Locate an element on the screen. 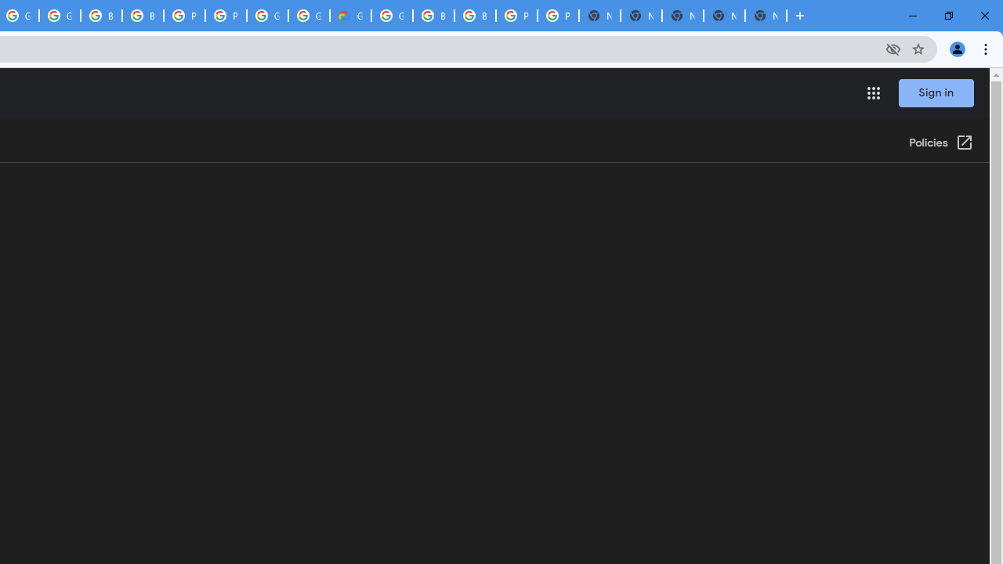  'New Tab' is located at coordinates (766, 16).